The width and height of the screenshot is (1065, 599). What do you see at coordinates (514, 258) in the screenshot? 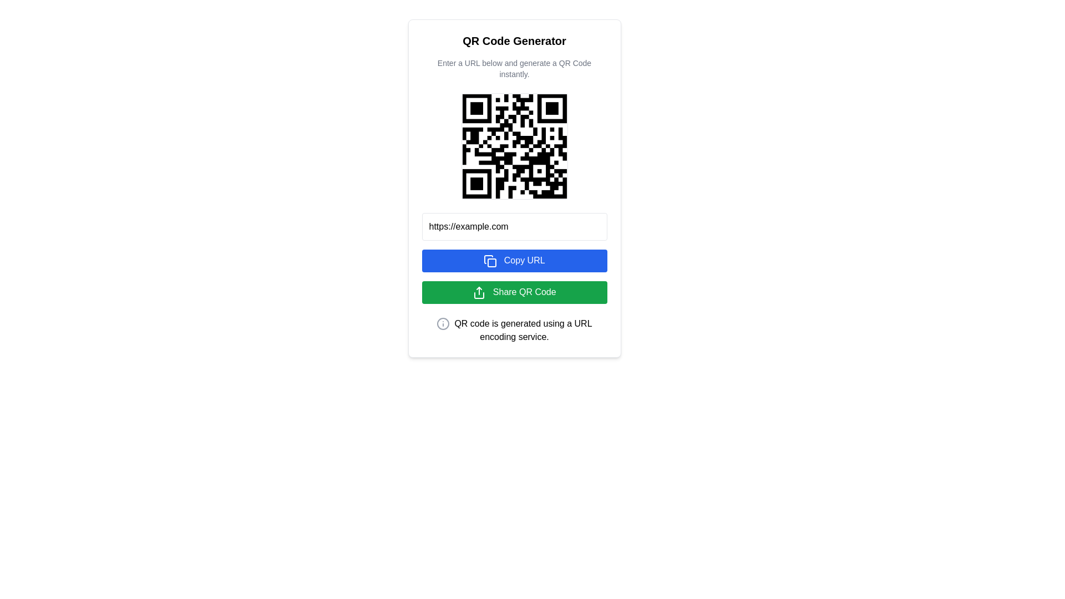
I see `the 'Share QR Code' button located below the 'Copy URL' button in the QR Code Generator interface` at bounding box center [514, 258].